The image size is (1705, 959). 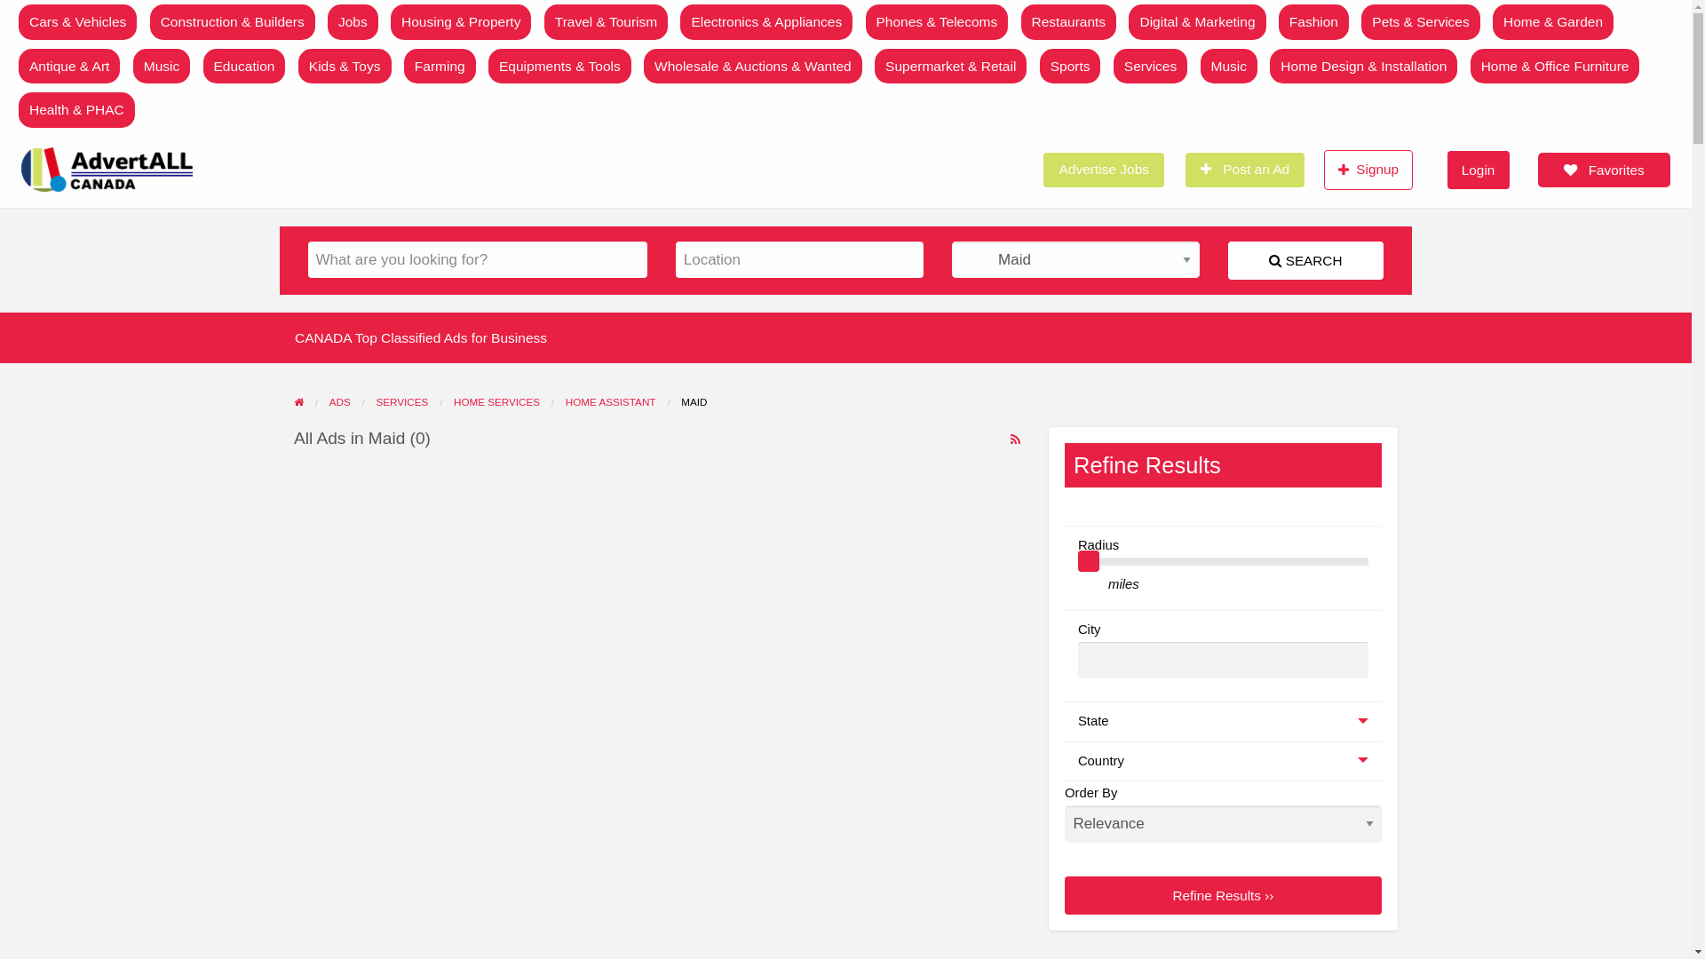 I want to click on 'Digital & Marketing', so click(x=1197, y=21).